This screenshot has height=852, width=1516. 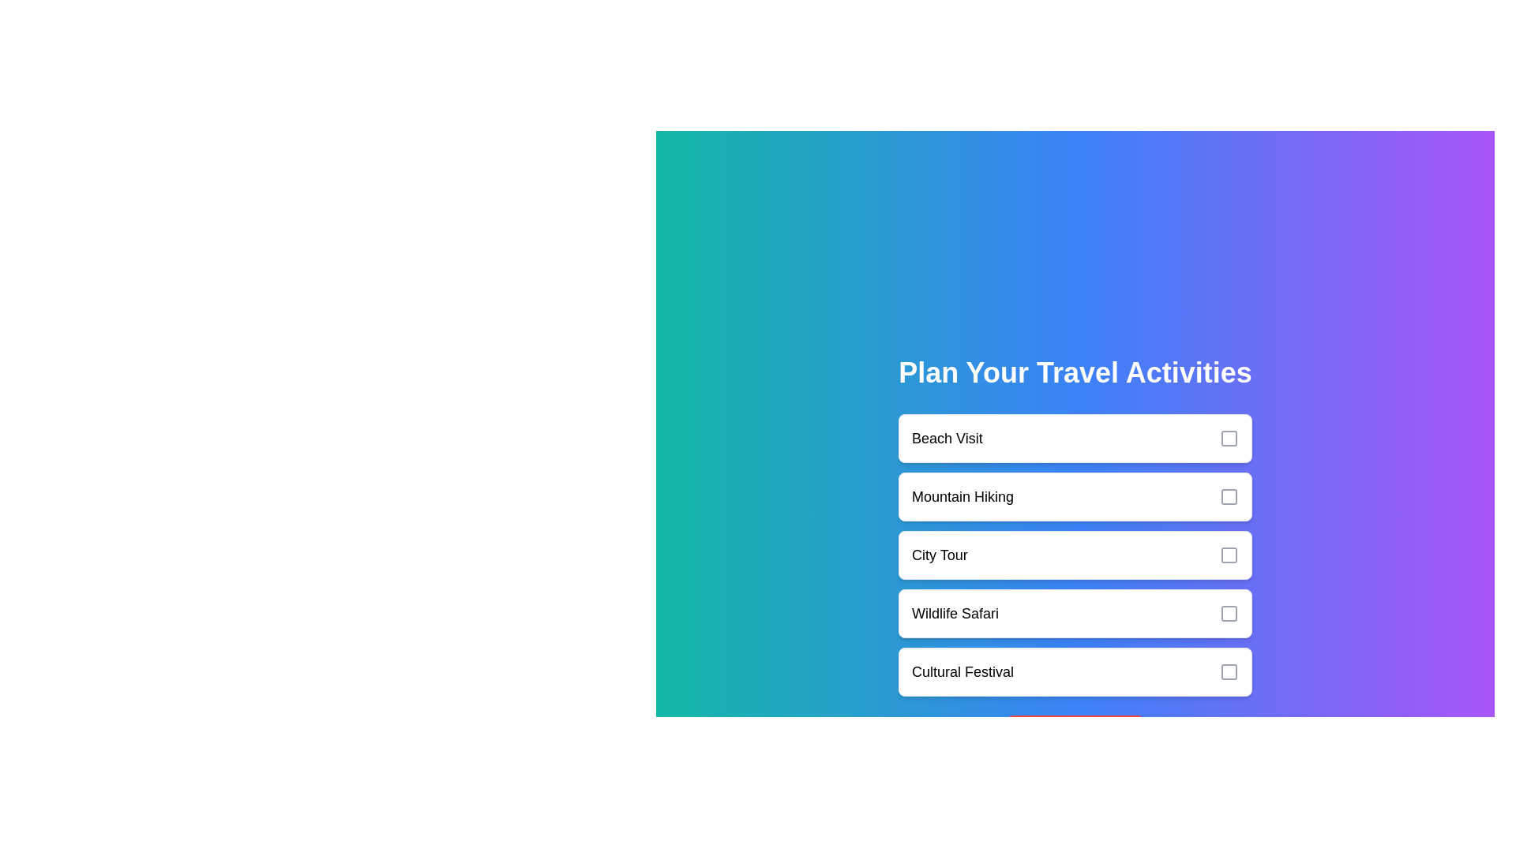 I want to click on the activity City Tour to observe the hover effect, so click(x=1075, y=555).